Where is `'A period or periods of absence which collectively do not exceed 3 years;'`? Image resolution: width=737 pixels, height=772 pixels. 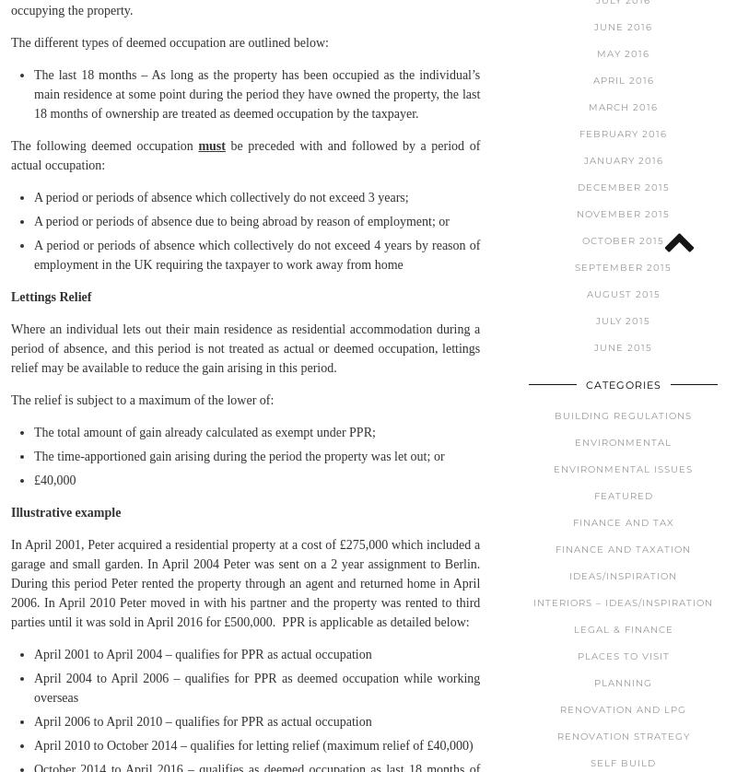 'A period or periods of absence which collectively do not exceed 3 years;' is located at coordinates (32, 195).